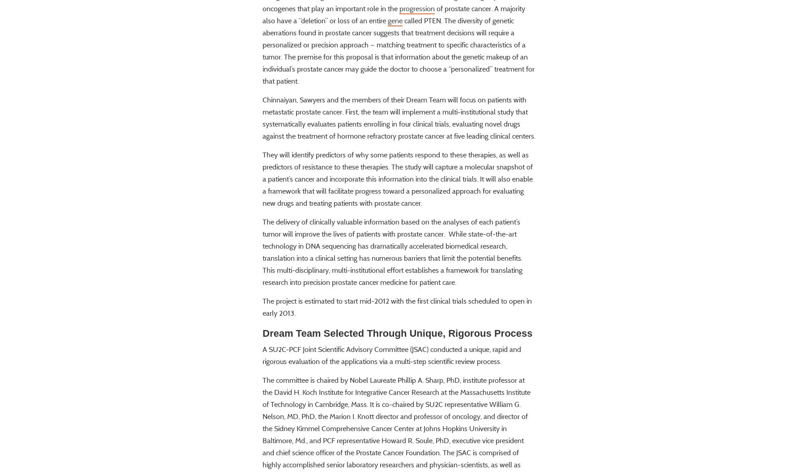 The width and height of the screenshot is (798, 474). Describe the element at coordinates (393, 40) in the screenshot. I see `'of prostate cancer. A majority also have a “deletion” or loss of an entire'` at that location.